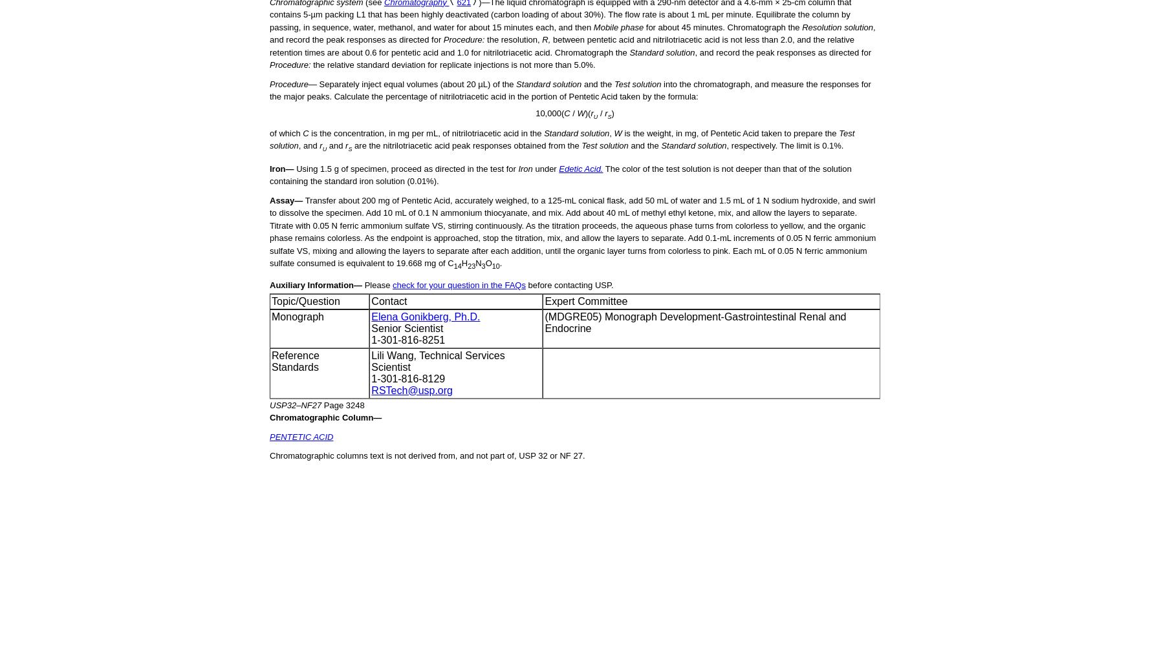 This screenshot has height=646, width=1150. What do you see at coordinates (584, 112) in the screenshot?
I see `')('` at bounding box center [584, 112].